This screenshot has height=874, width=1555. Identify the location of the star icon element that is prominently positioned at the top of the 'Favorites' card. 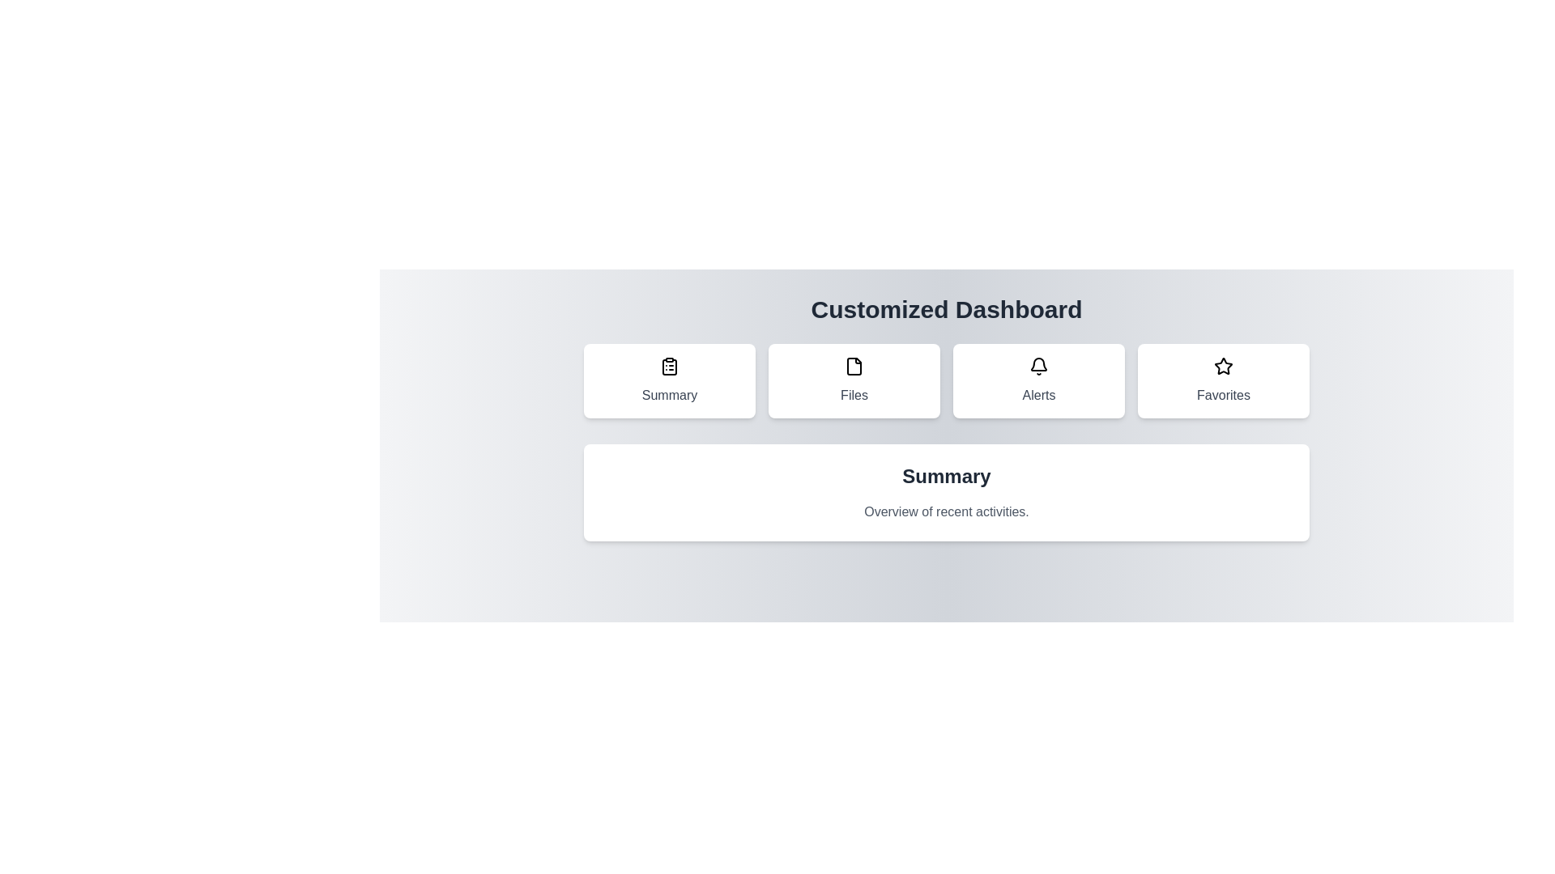
(1224, 366).